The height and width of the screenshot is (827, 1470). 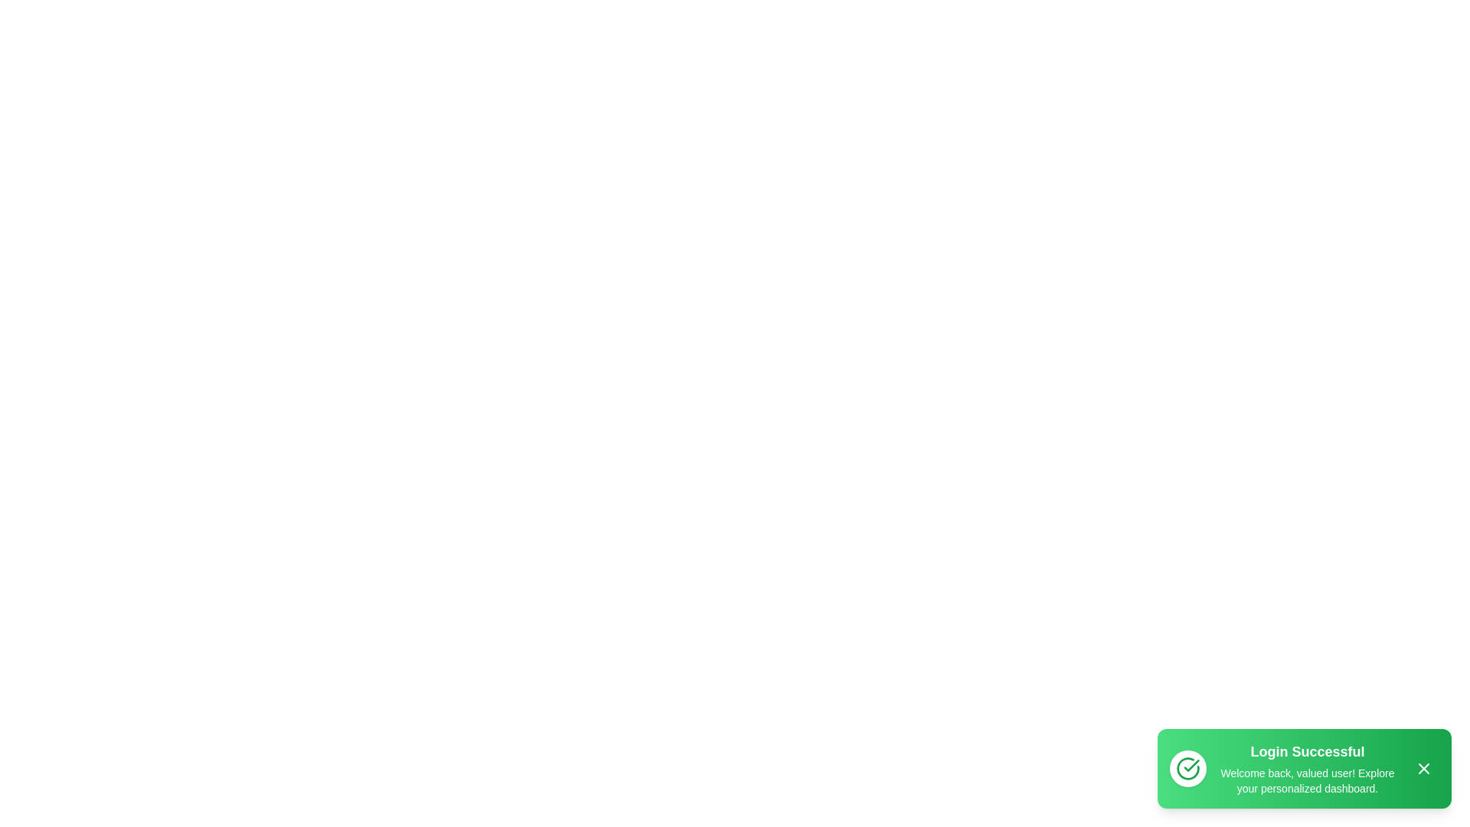 What do you see at coordinates (1187, 768) in the screenshot?
I see `the 'CheckCircle' icon in the notification` at bounding box center [1187, 768].